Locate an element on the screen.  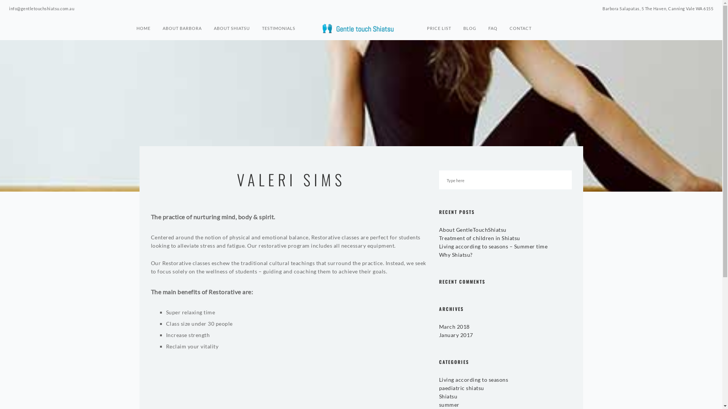
'summer' is located at coordinates (449, 404).